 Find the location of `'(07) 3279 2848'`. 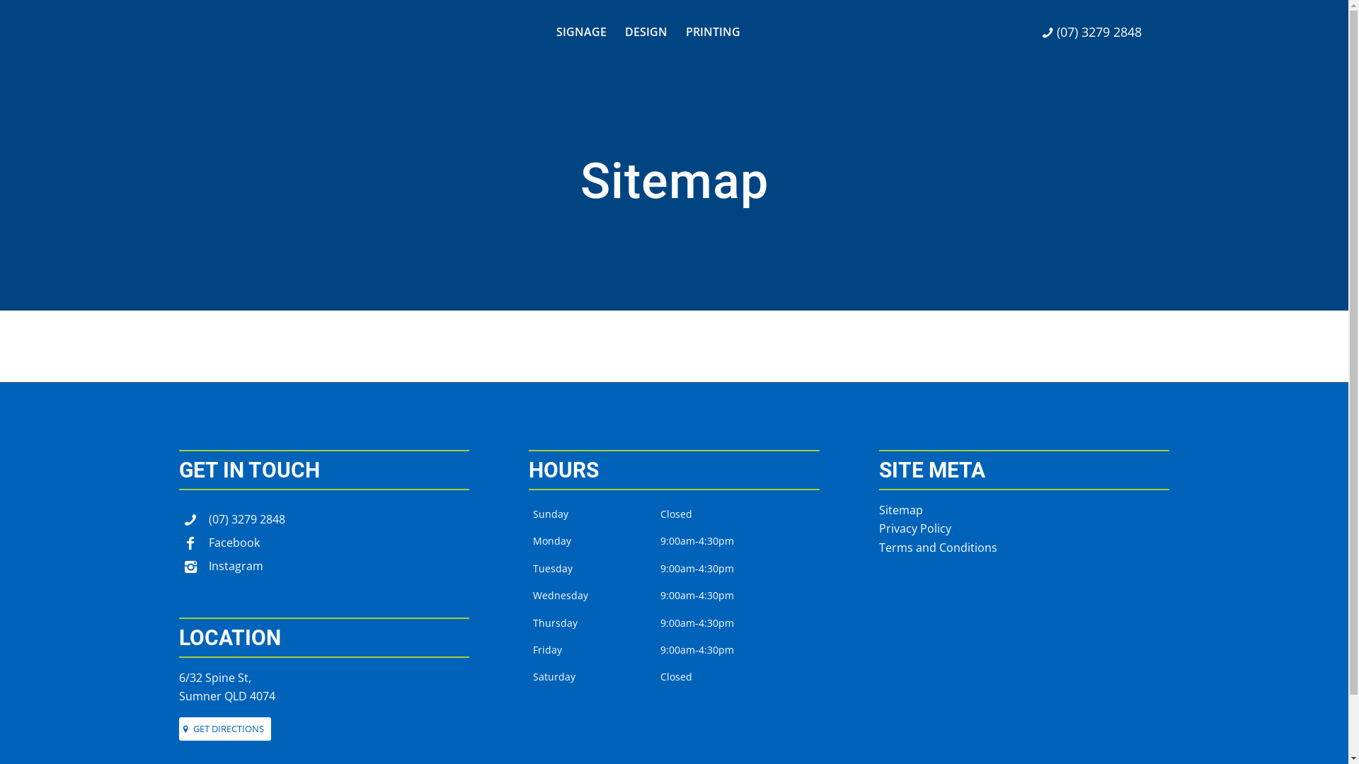

'(07) 3279 2848' is located at coordinates (207, 519).